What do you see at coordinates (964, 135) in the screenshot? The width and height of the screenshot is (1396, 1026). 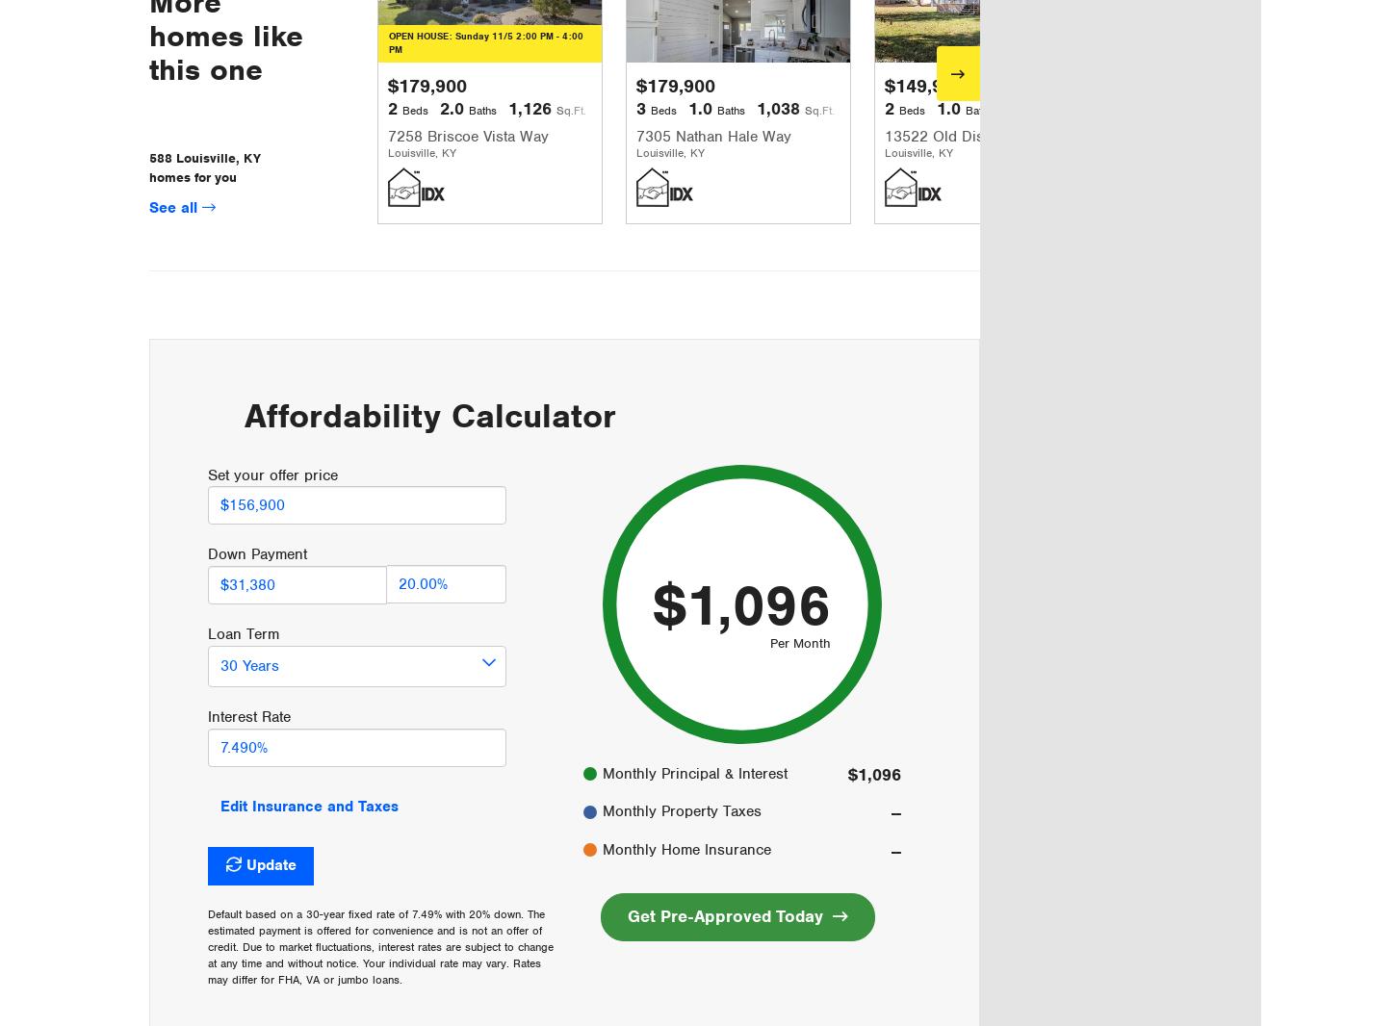 I see `'13522 Old Distillery Rd'` at bounding box center [964, 135].